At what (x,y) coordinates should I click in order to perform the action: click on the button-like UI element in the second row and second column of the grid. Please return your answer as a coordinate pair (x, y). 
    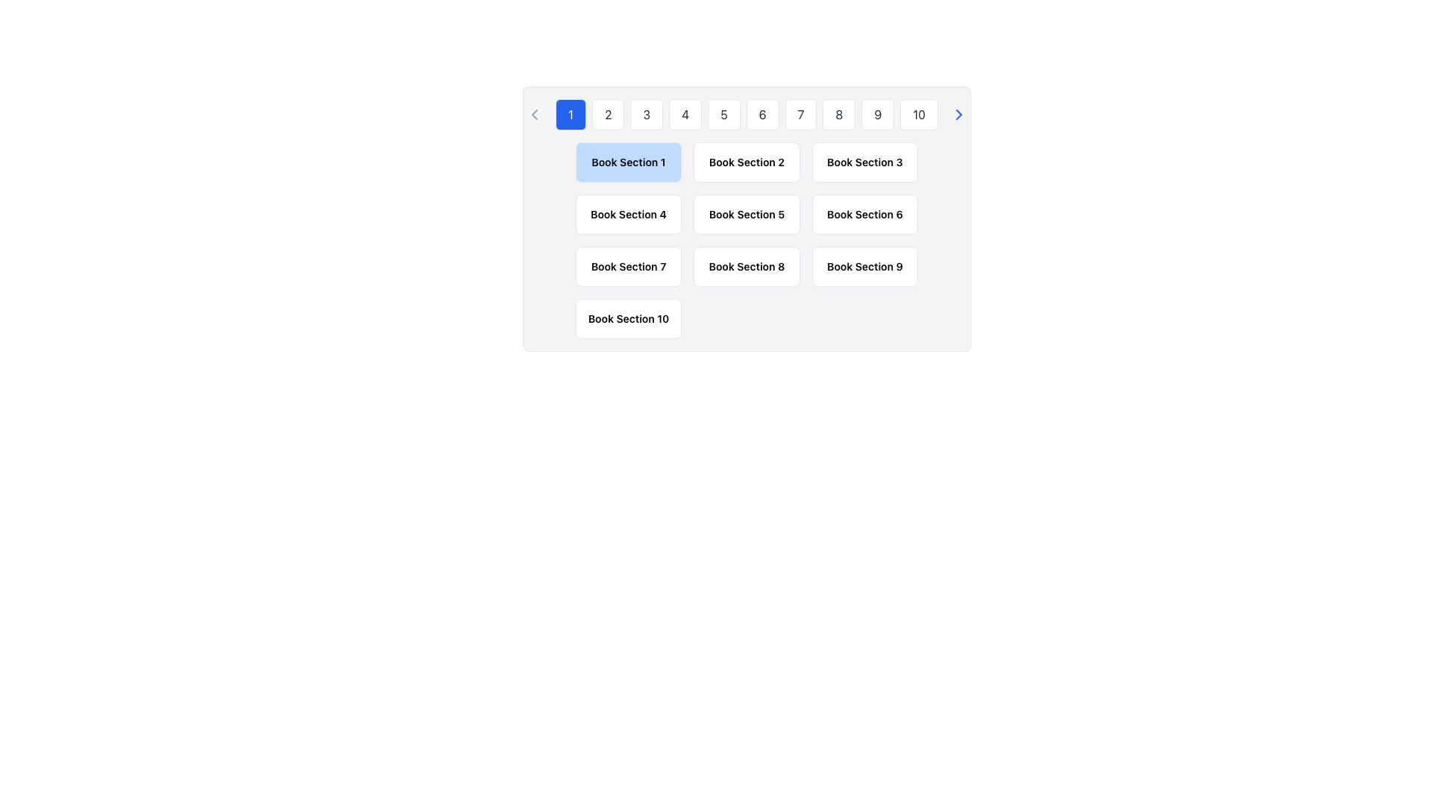
    Looking at the image, I should click on (747, 215).